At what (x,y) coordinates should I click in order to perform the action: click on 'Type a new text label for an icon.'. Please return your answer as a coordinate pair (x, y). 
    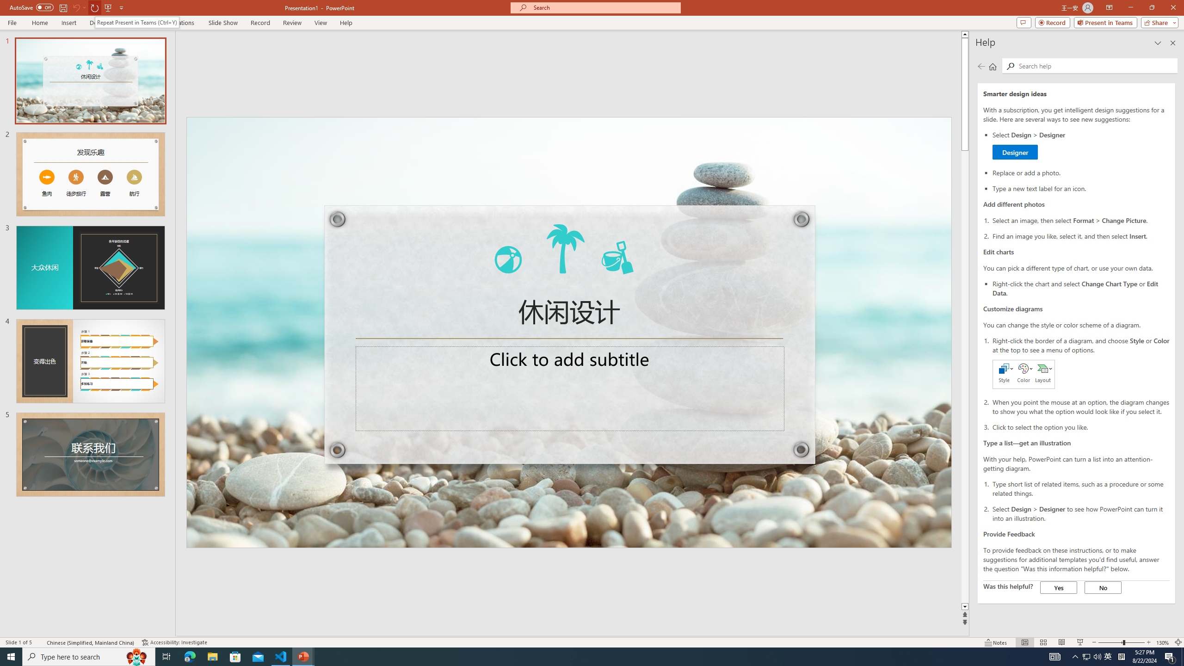
    Looking at the image, I should click on (1080, 188).